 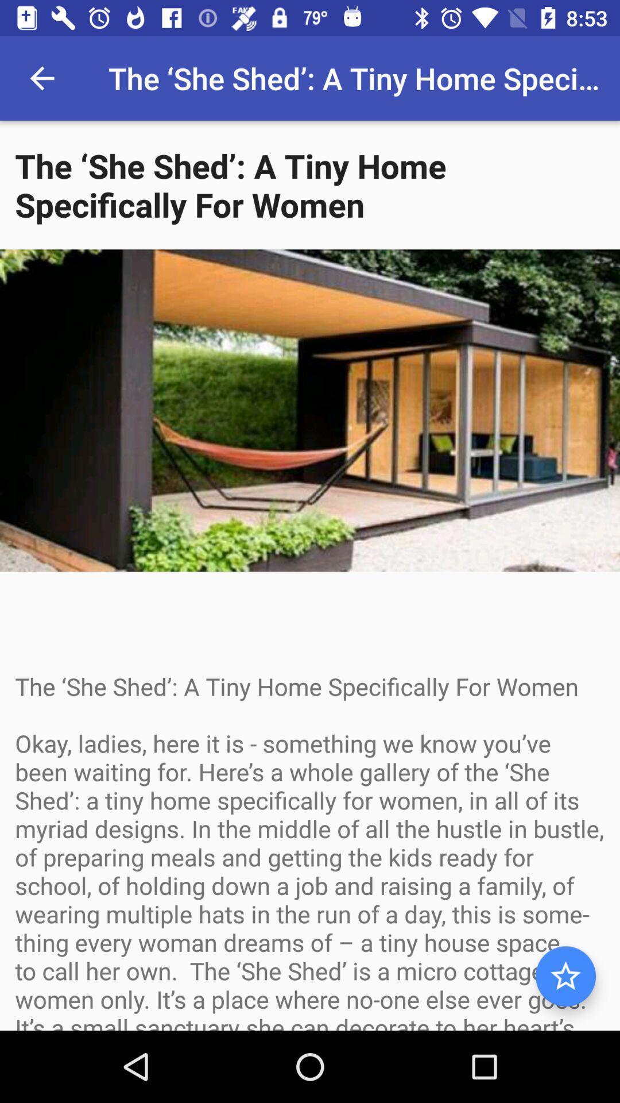 What do you see at coordinates (41, 78) in the screenshot?
I see `icon to the left of the she shed` at bounding box center [41, 78].